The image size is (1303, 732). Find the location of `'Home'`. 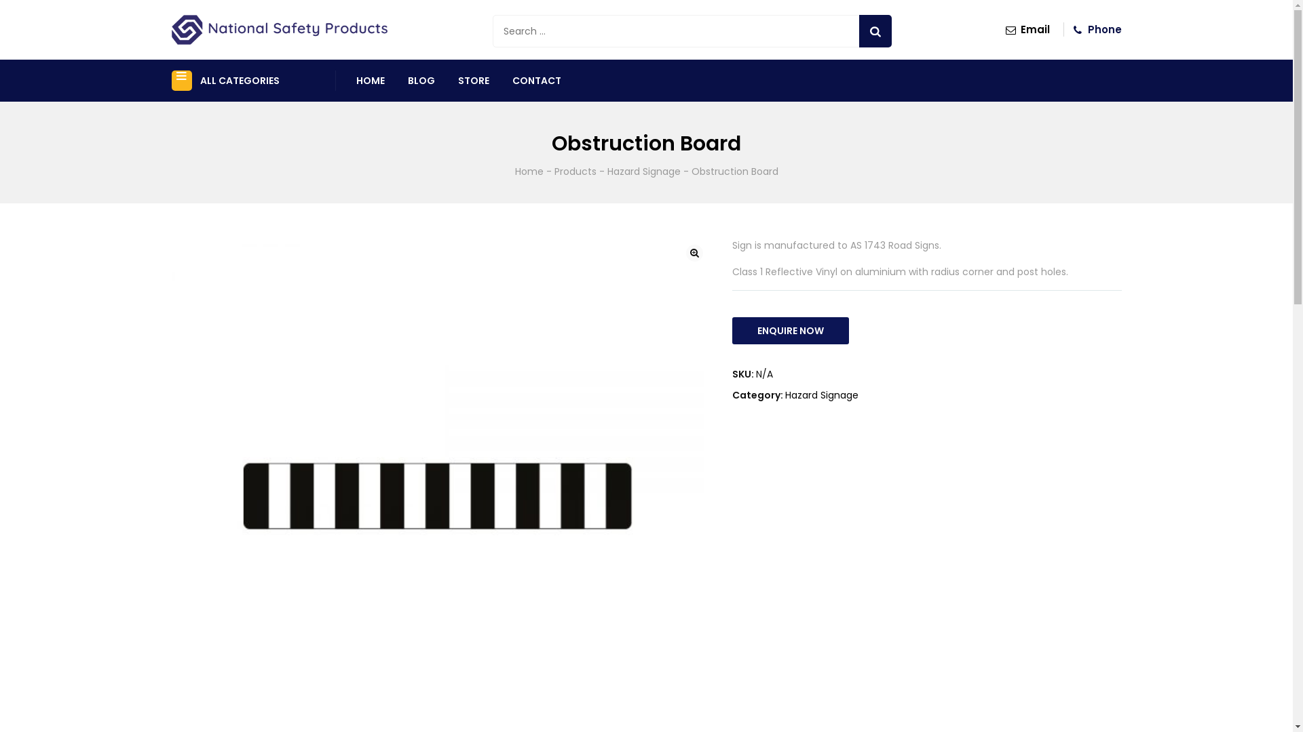

'Home' is located at coordinates (527, 171).